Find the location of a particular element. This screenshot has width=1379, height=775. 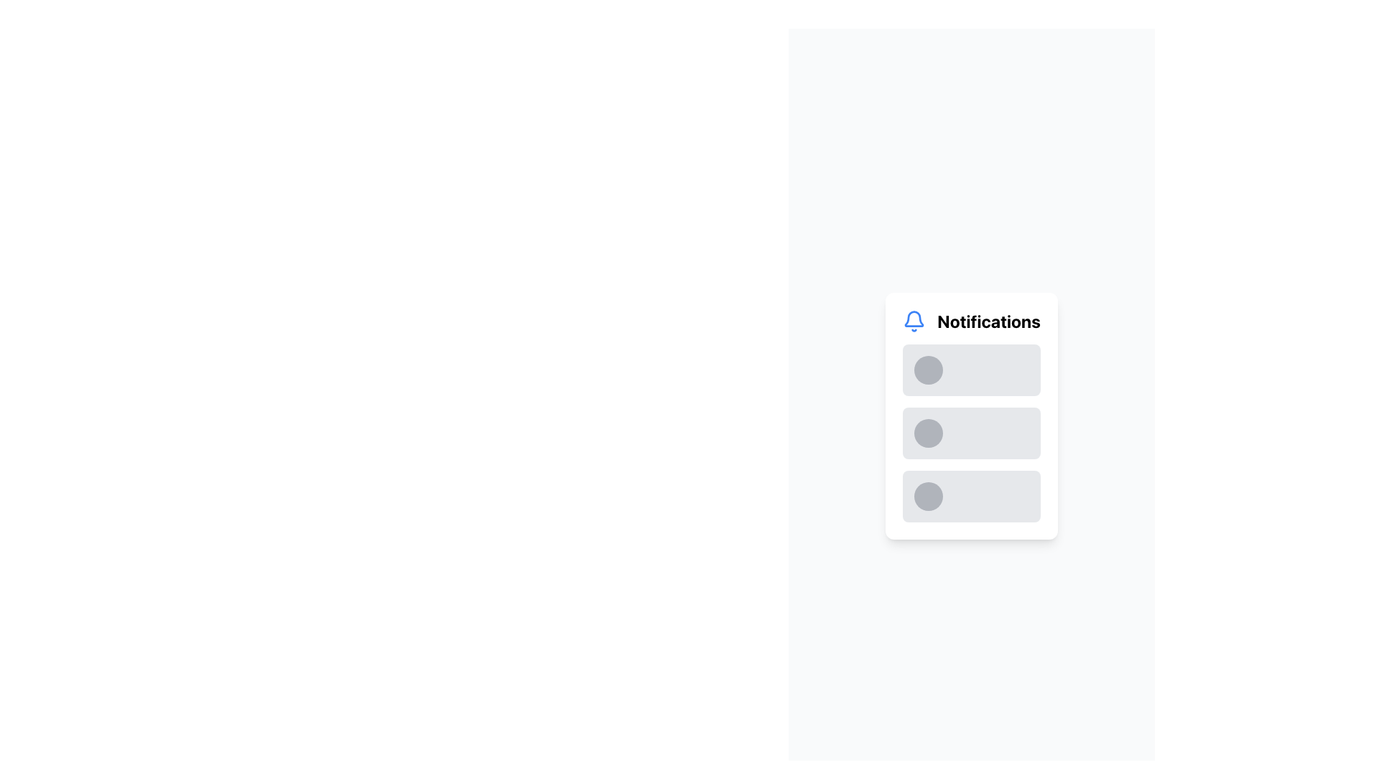

the circular placeholder component with a gray background to reveal additional actions is located at coordinates (929, 495).